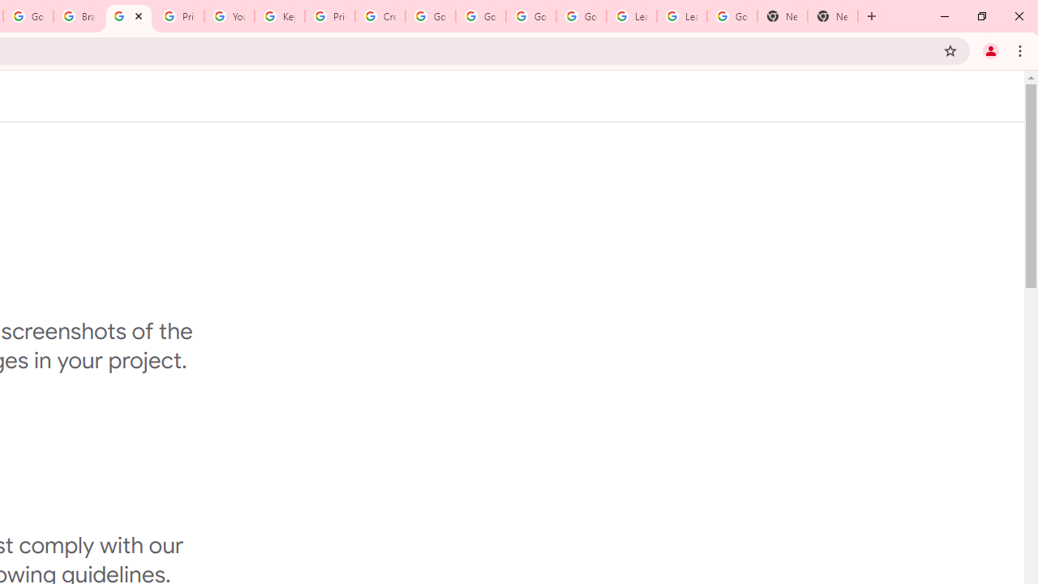  Describe the element at coordinates (731, 16) in the screenshot. I see `'Google Account'` at that location.